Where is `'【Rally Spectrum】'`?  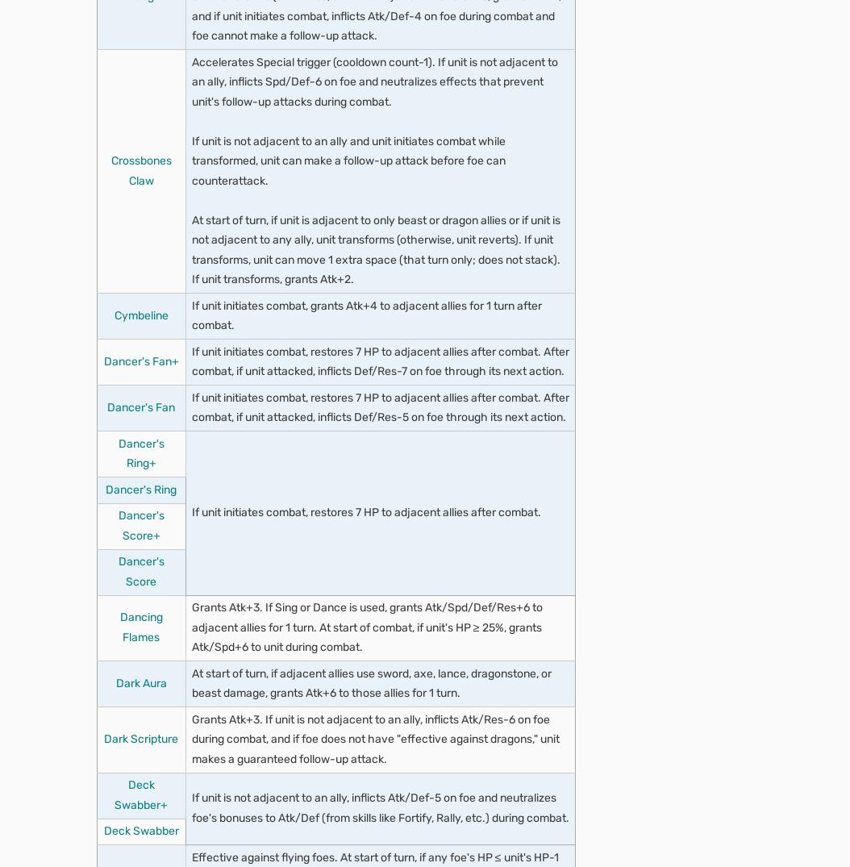
'【Rally Spectrum】' is located at coordinates (260, 838).